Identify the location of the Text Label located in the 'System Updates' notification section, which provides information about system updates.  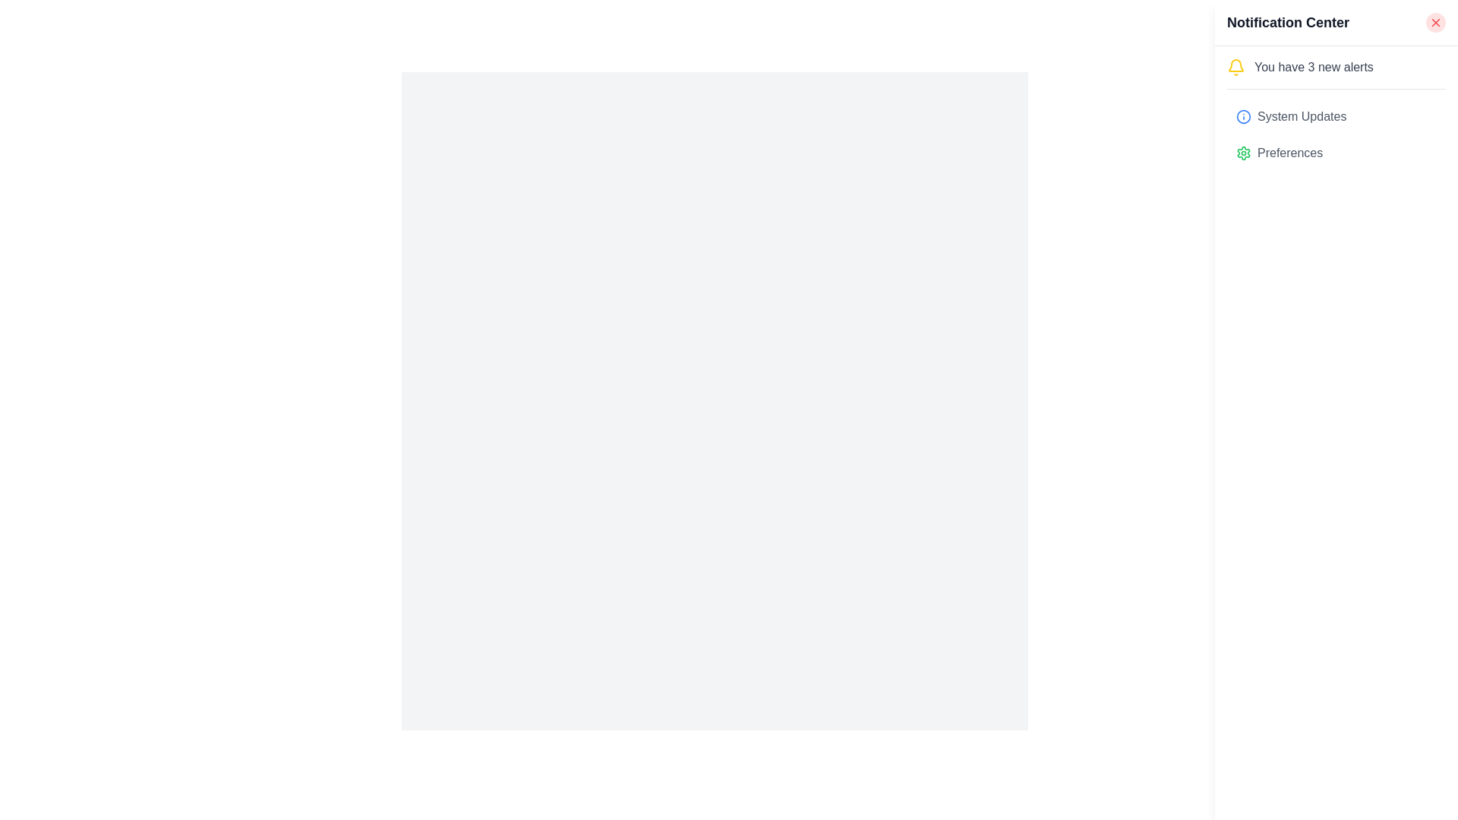
(1301, 116).